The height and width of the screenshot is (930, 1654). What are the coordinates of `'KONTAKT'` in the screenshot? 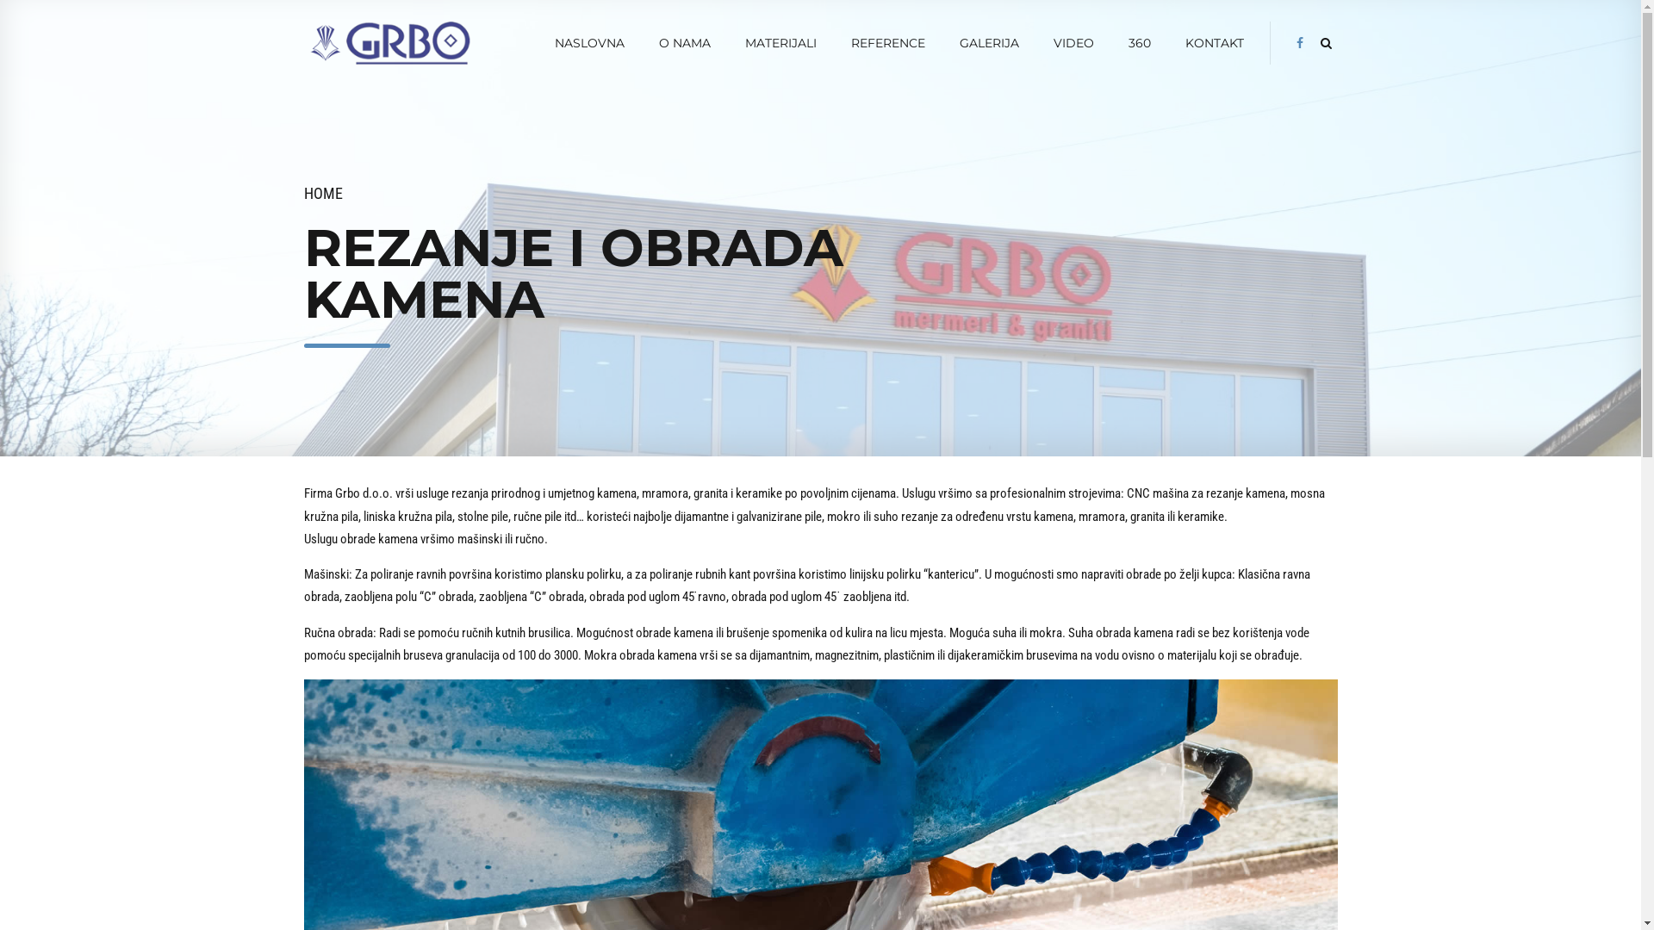 It's located at (1214, 42).